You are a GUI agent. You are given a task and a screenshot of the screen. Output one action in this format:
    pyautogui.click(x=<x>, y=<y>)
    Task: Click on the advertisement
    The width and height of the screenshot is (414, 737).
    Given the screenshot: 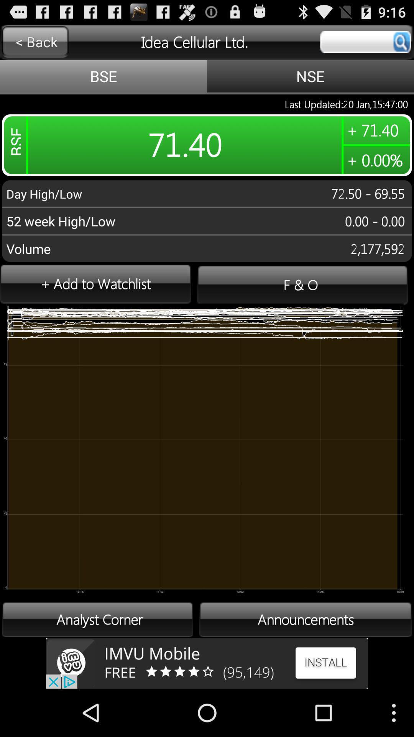 What is the action you would take?
    pyautogui.click(x=207, y=663)
    